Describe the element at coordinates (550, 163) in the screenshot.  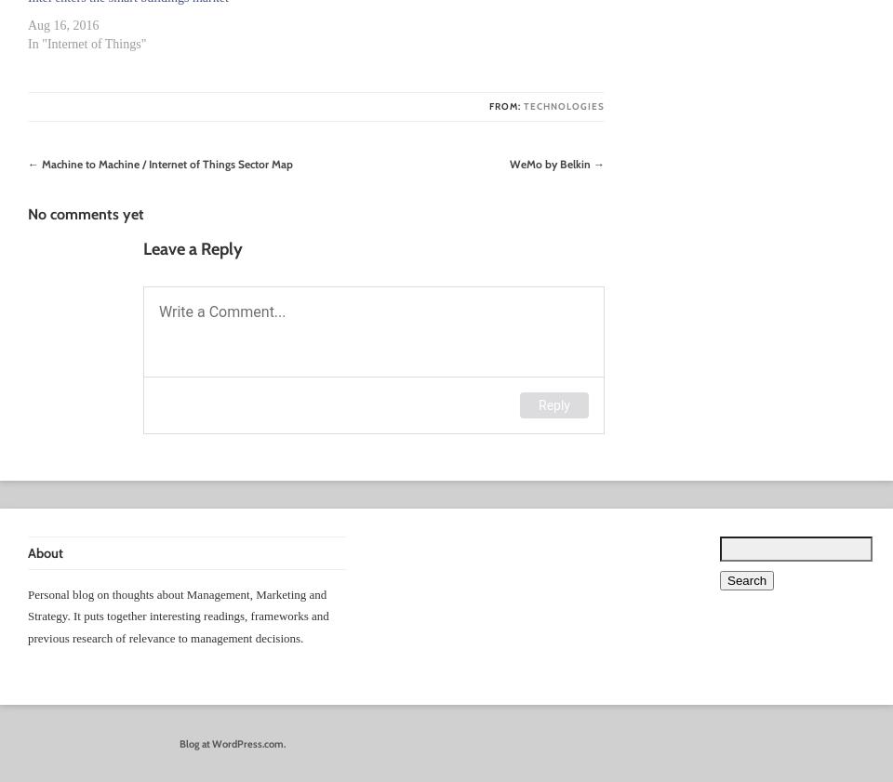
I see `'WeMo by Belkin'` at that location.